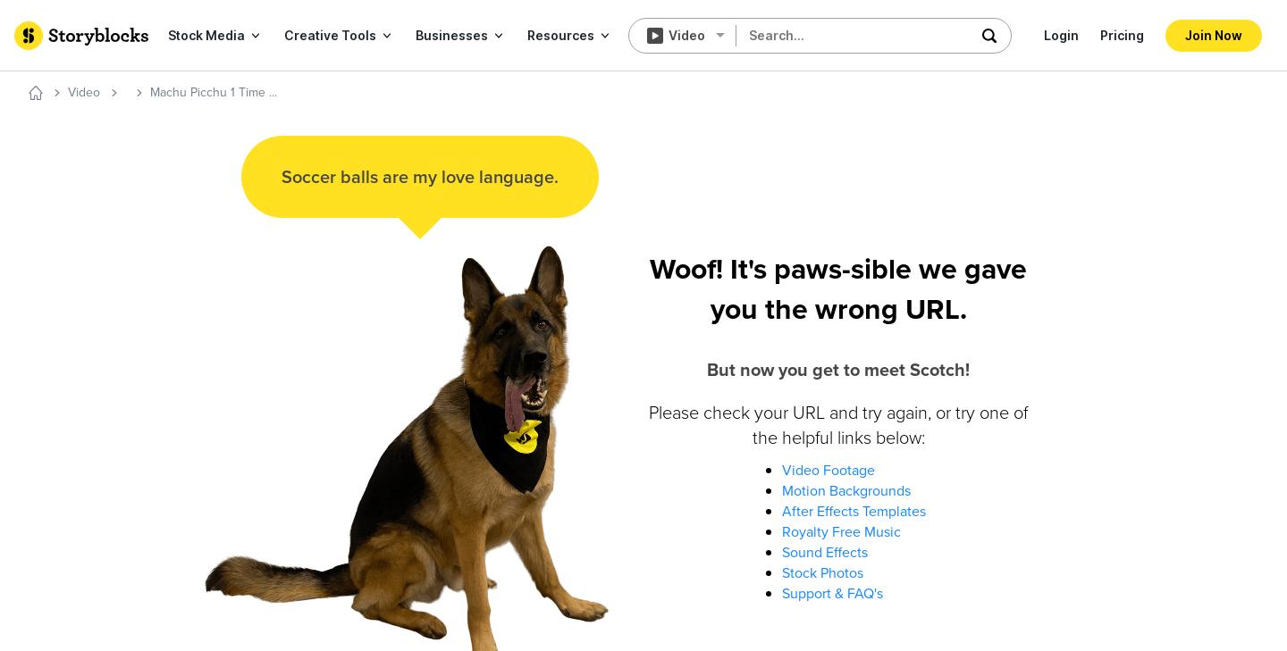  I want to click on 'Support & FAQ's', so click(780, 593).